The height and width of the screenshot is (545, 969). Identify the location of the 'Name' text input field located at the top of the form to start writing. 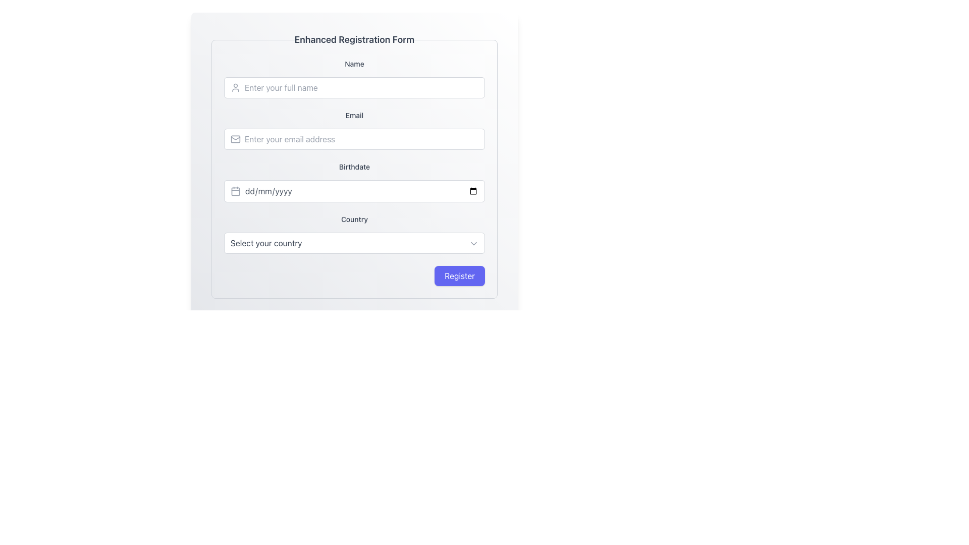
(354, 78).